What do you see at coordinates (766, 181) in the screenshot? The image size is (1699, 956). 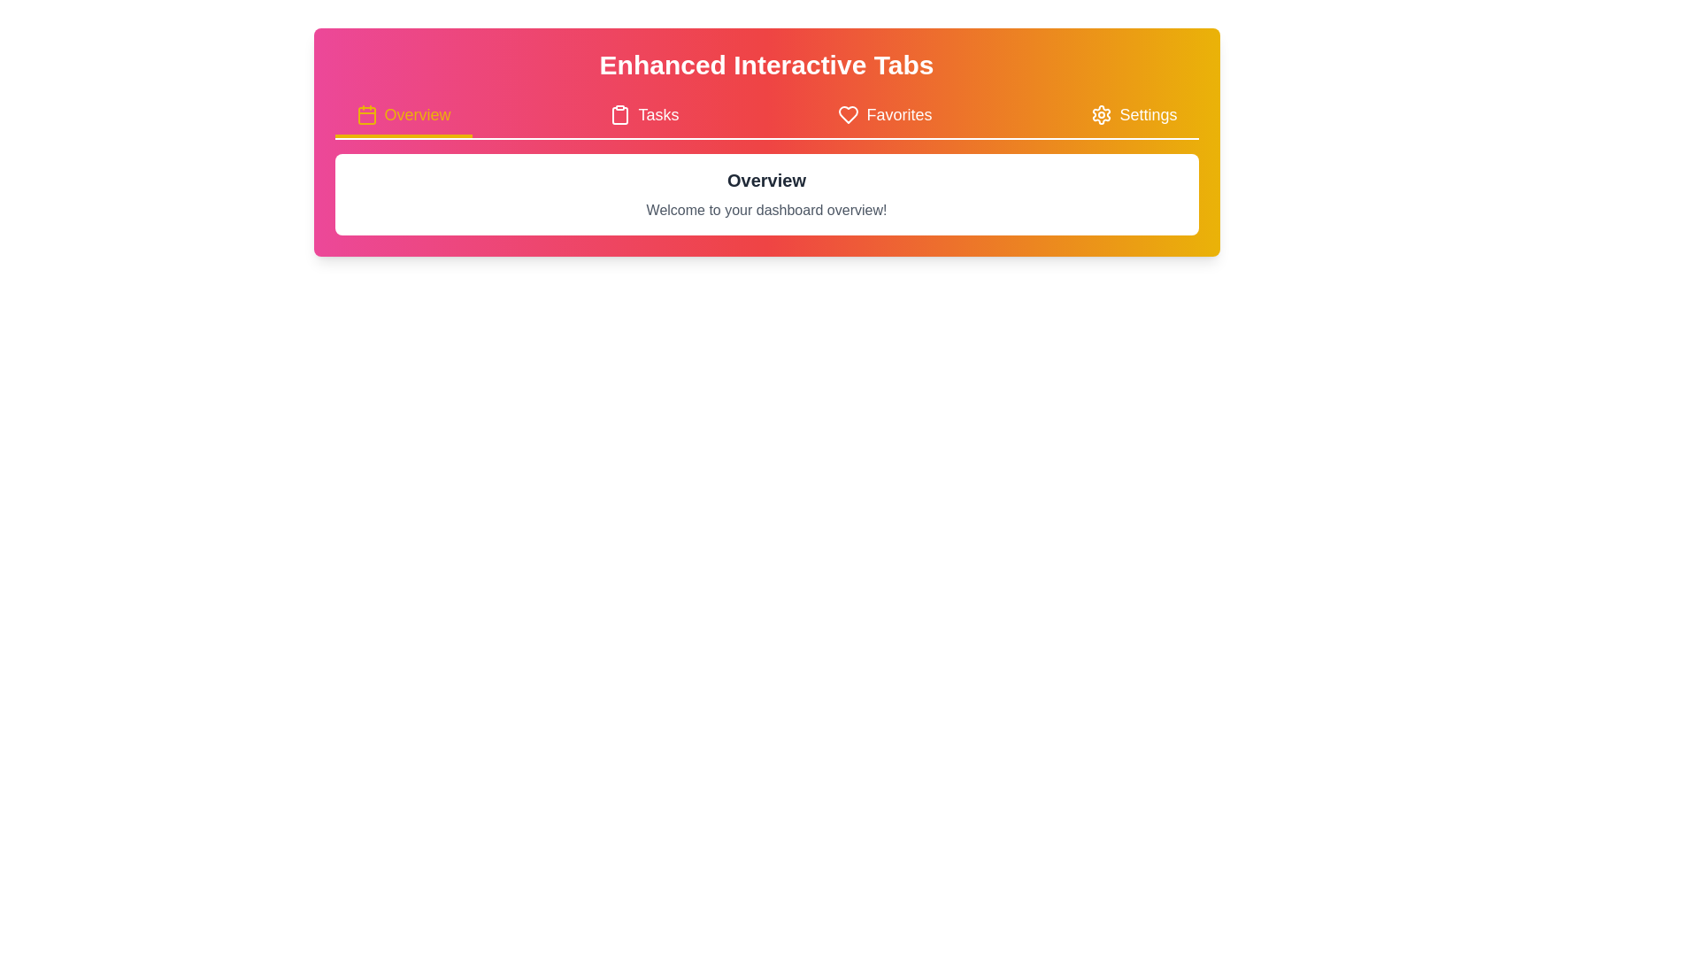 I see `the bold text label displaying 'Overview', which is styled with a dark gray font and positioned prominently above the text block 'Welcome to your dashboard overview!'` at bounding box center [766, 181].